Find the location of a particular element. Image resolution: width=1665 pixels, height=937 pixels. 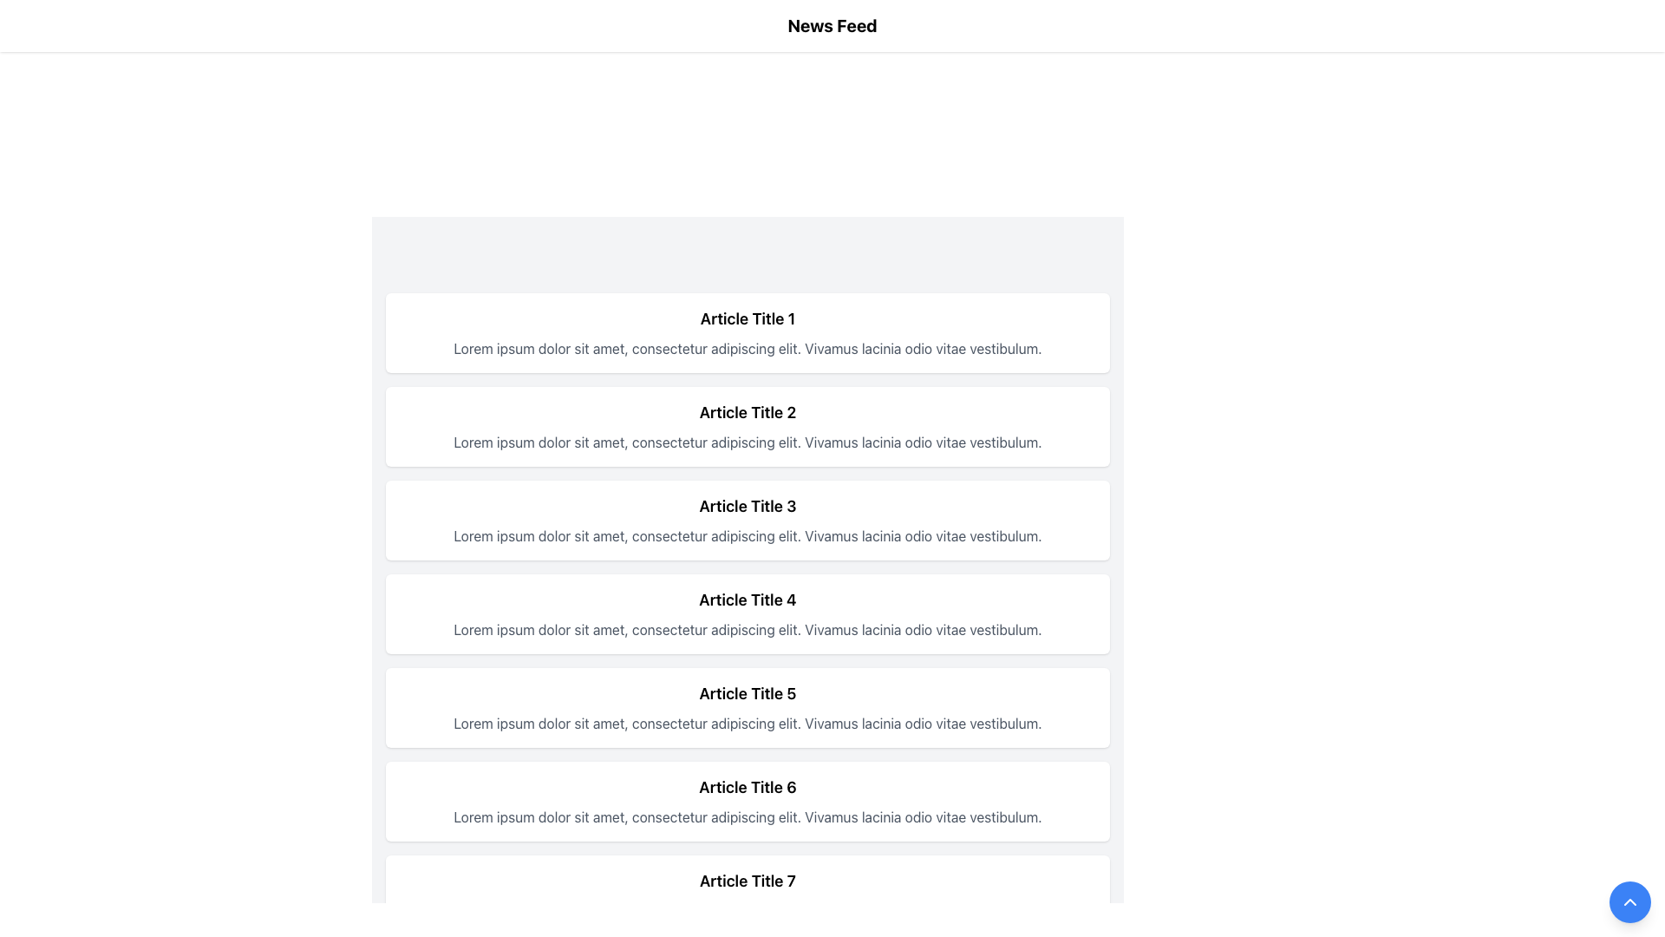

the content associated with the bold header text element displaying 'Article Title 4', located at the top of the fourth item in a vertical list layout is located at coordinates (748, 599).